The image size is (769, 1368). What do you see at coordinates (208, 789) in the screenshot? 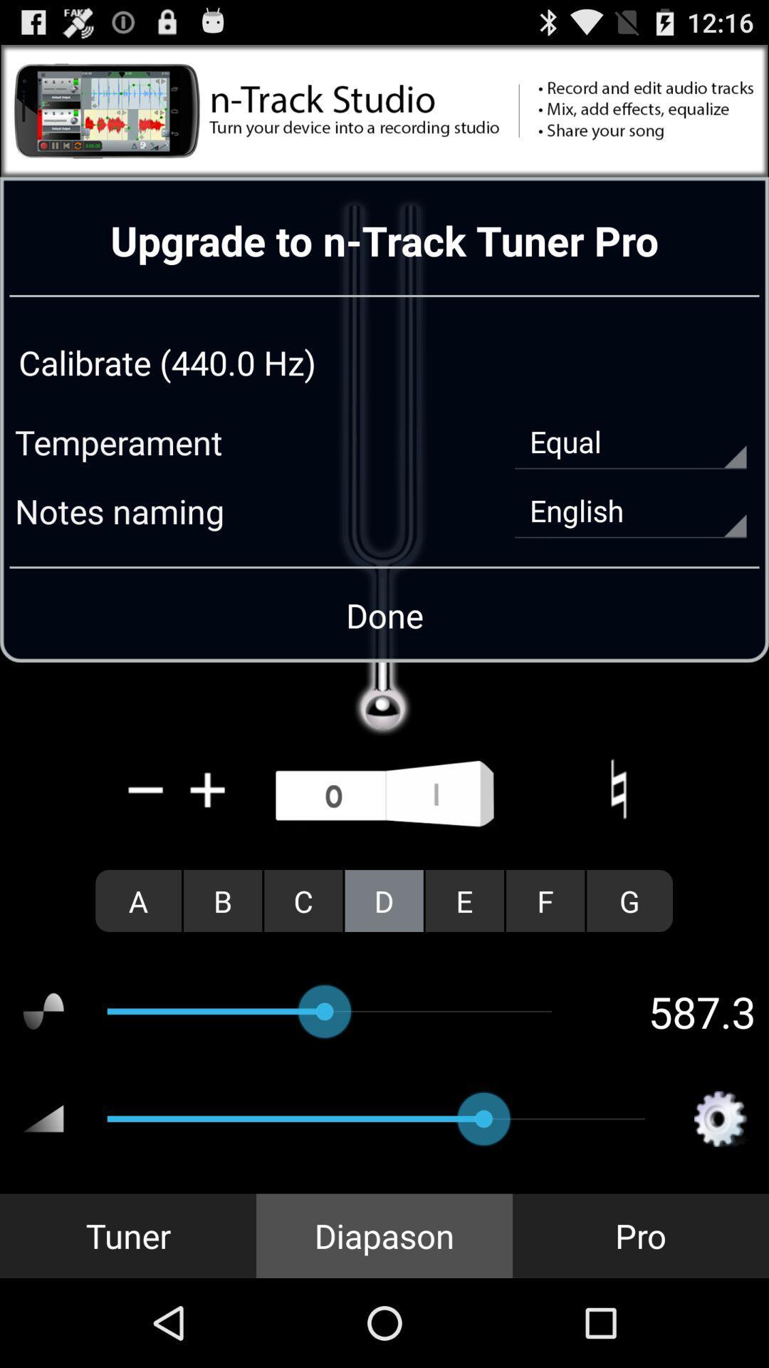
I see `the icon above a` at bounding box center [208, 789].